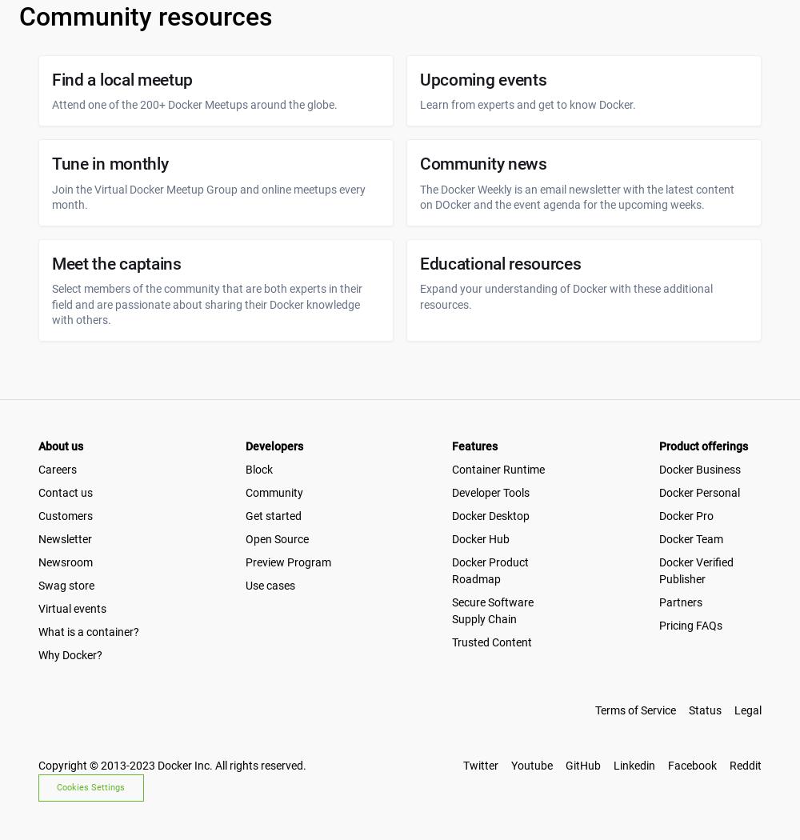 Image resolution: width=800 pixels, height=840 pixels. Describe the element at coordinates (269, 584) in the screenshot. I see `'Use cases'` at that location.